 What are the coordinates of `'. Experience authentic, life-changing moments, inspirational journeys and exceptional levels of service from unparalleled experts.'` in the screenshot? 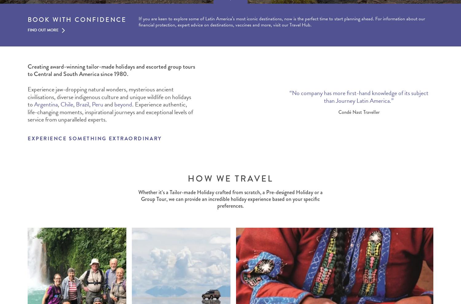 It's located at (27, 112).